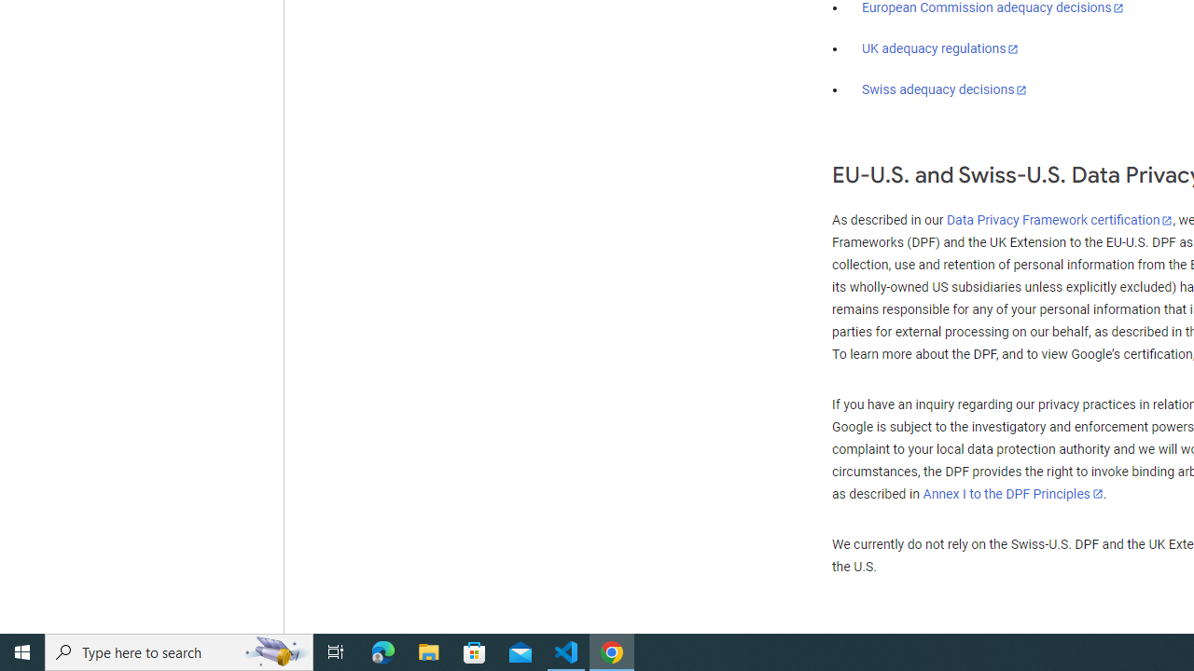  Describe the element at coordinates (992, 8) in the screenshot. I see `'European Commission adequacy decisions'` at that location.